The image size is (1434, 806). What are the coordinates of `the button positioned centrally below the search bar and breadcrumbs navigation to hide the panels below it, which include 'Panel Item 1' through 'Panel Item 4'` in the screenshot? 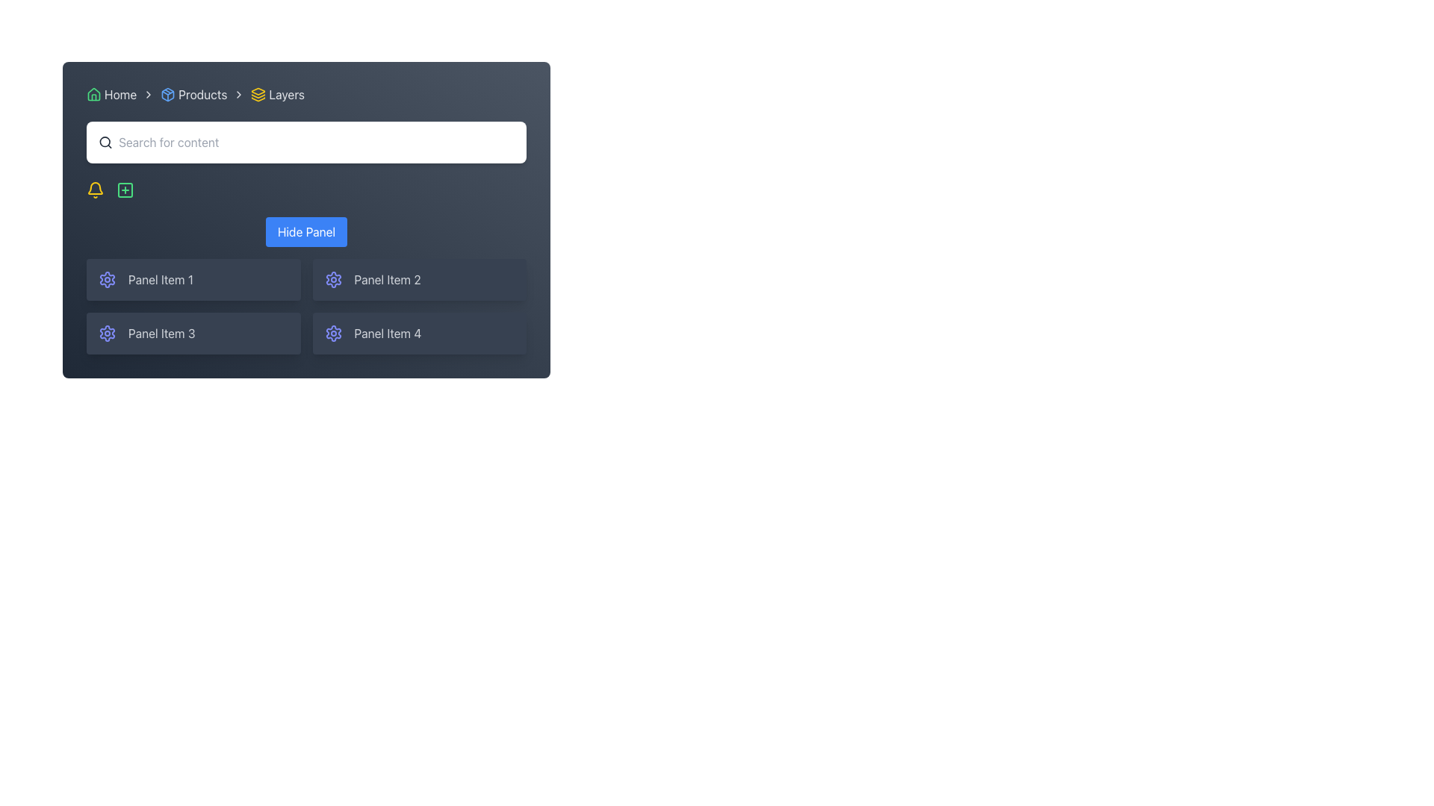 It's located at (305, 285).